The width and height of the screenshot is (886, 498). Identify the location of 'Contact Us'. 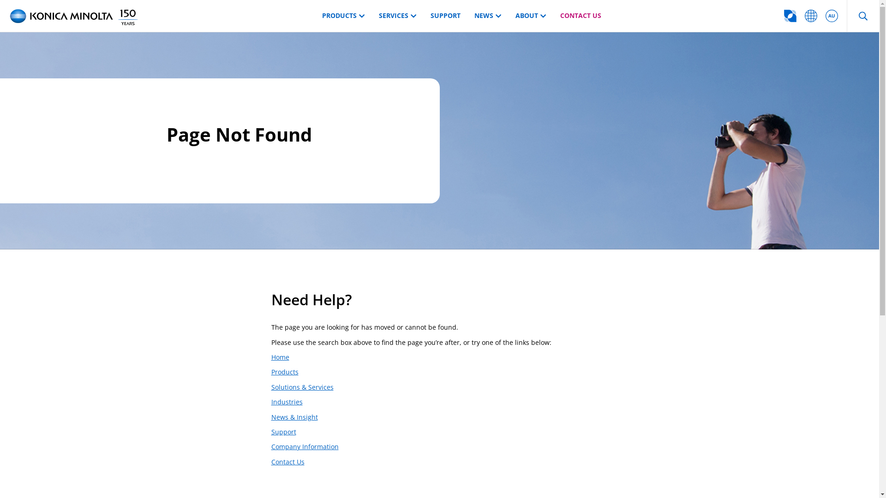
(271, 462).